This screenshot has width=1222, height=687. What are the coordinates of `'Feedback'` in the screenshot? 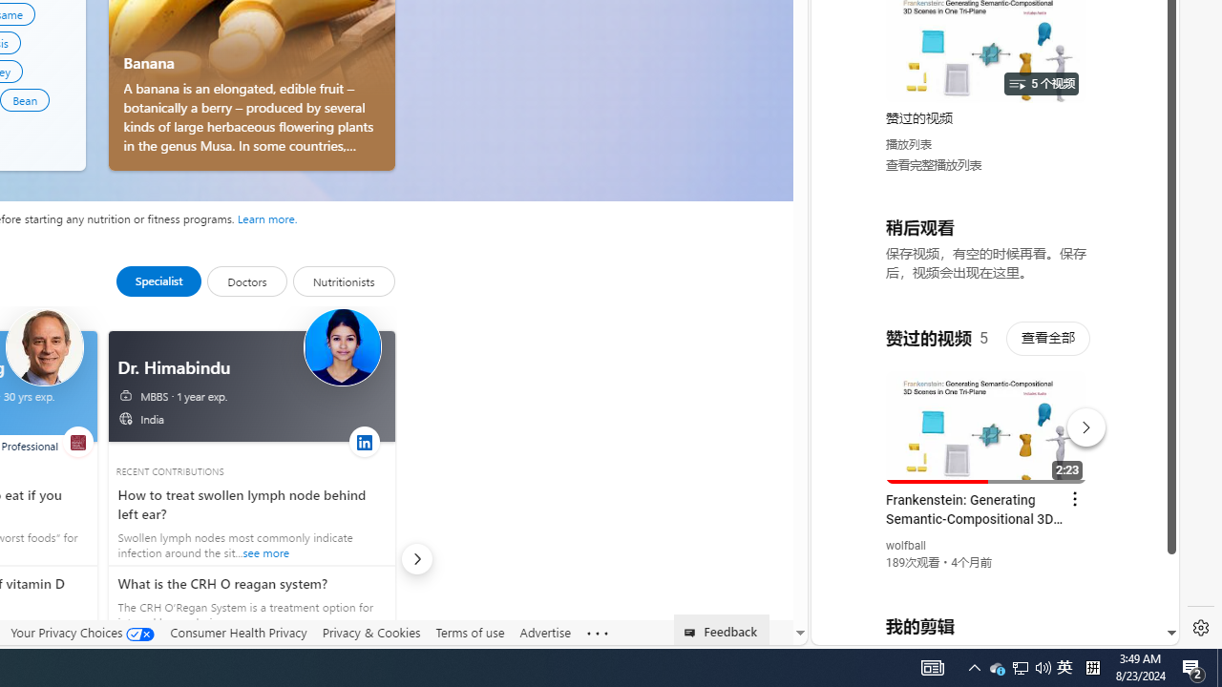 It's located at (721, 629).